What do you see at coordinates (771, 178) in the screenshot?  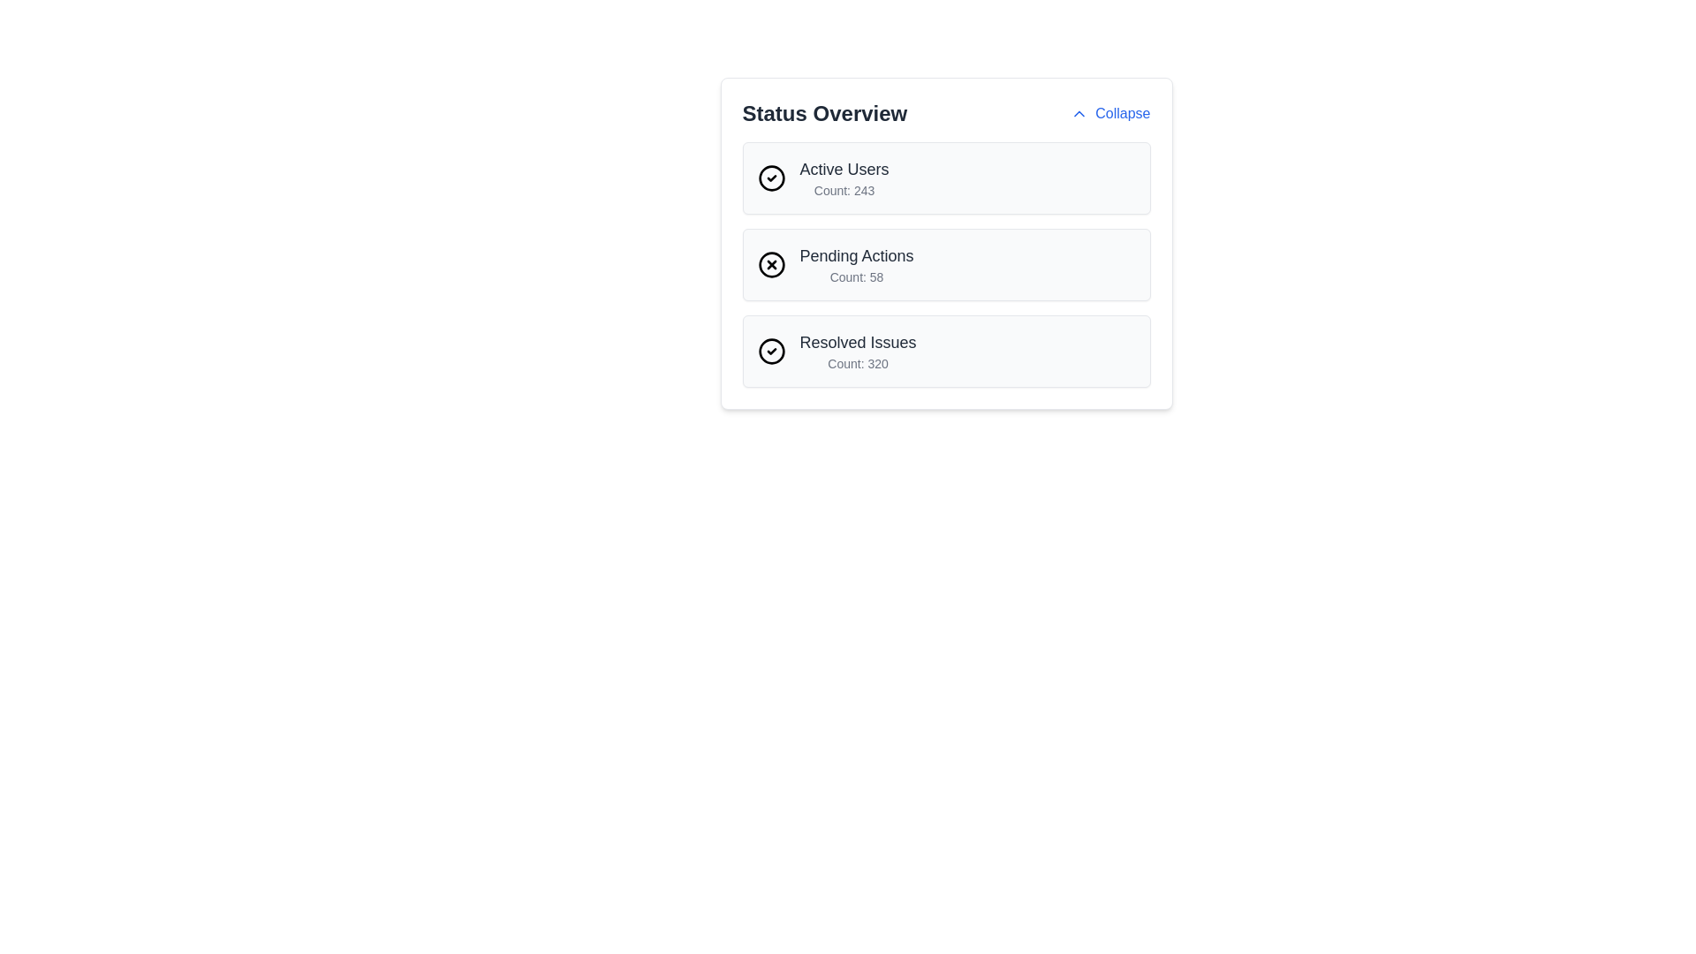 I see `the circular icon with a green checkmark located in the top-left corner of the 'Active Users' area` at bounding box center [771, 178].